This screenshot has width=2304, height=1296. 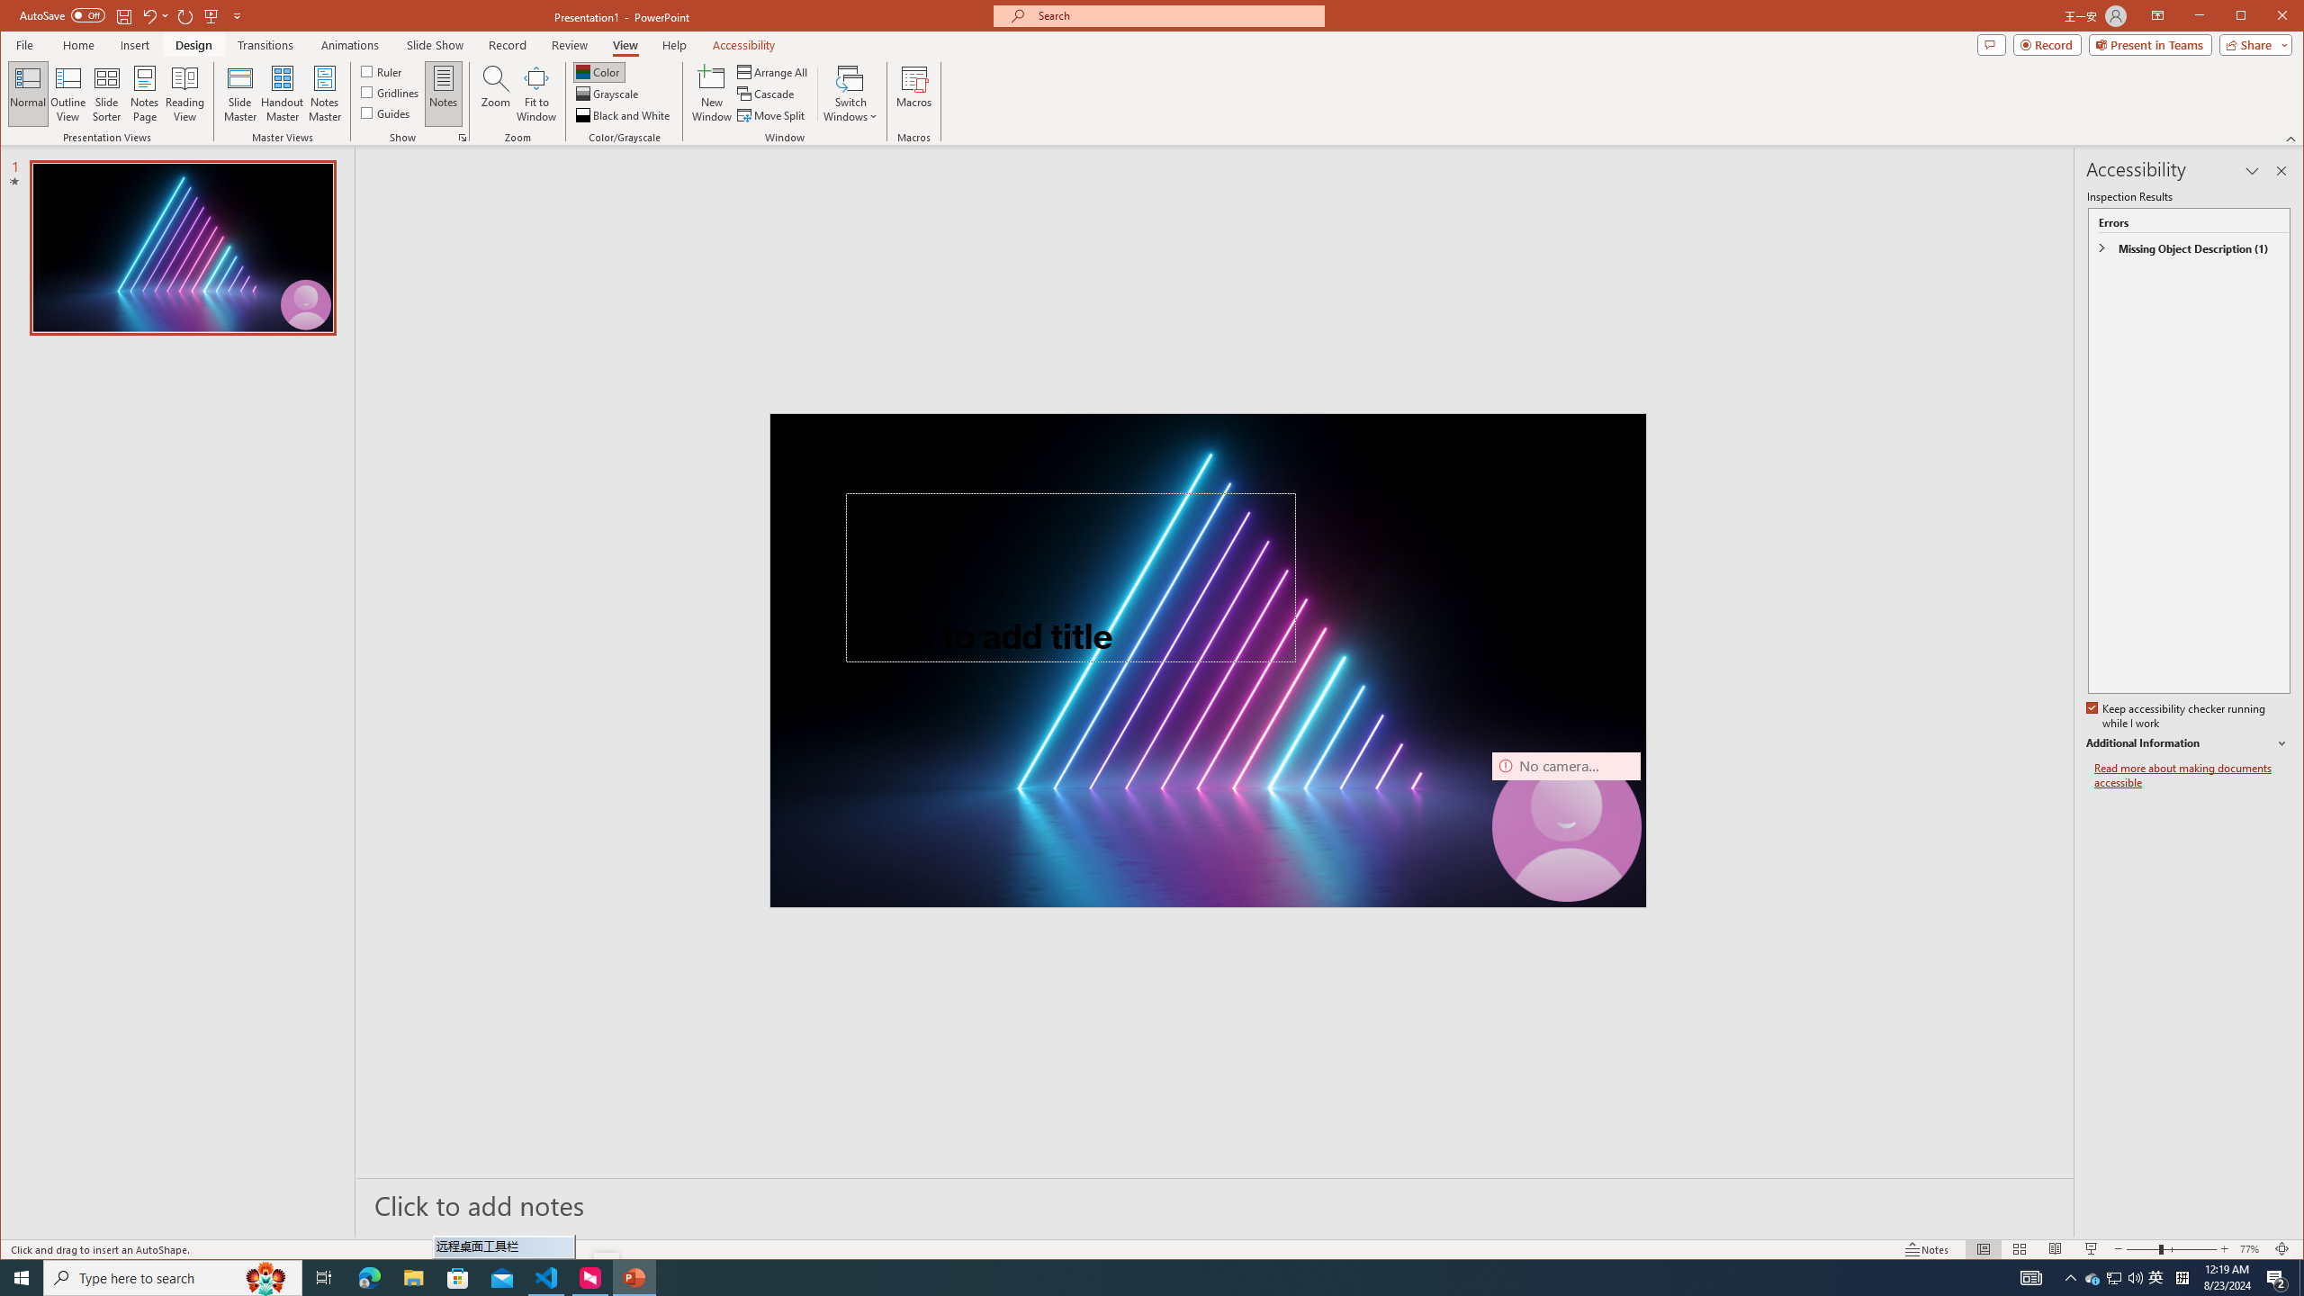 What do you see at coordinates (144, 93) in the screenshot?
I see `'Notes Page'` at bounding box center [144, 93].